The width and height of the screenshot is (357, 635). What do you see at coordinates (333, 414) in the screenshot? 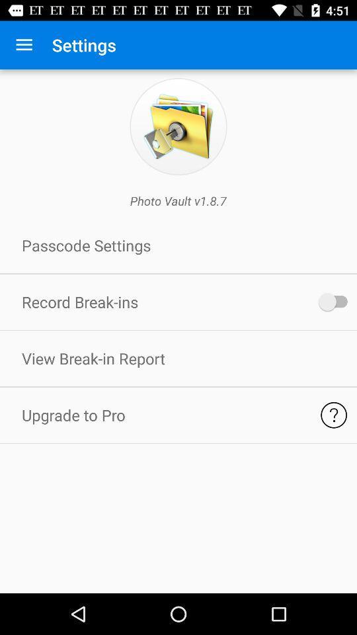
I see `help button` at bounding box center [333, 414].